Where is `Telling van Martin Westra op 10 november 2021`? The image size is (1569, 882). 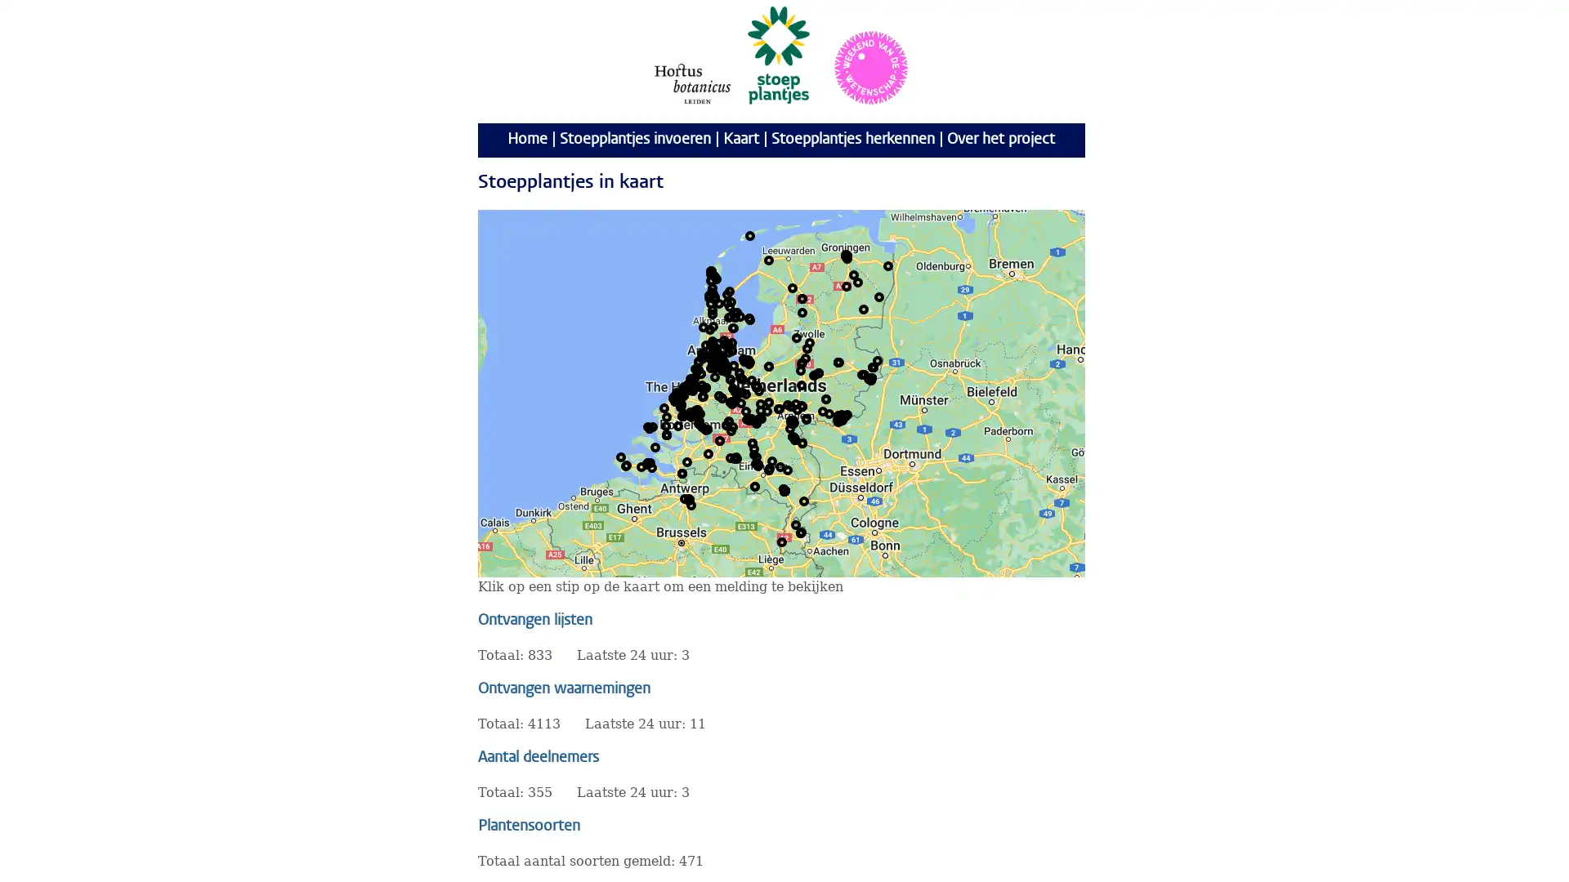
Telling van Martin Westra op 10 november 2021 is located at coordinates (678, 424).